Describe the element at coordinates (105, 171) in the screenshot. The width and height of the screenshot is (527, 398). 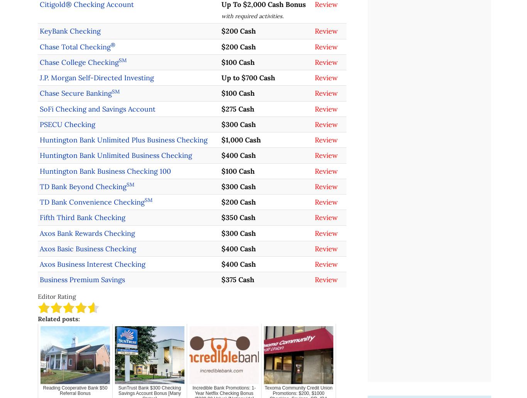
I see `'Huntington Bank Business Checking 100'` at that location.